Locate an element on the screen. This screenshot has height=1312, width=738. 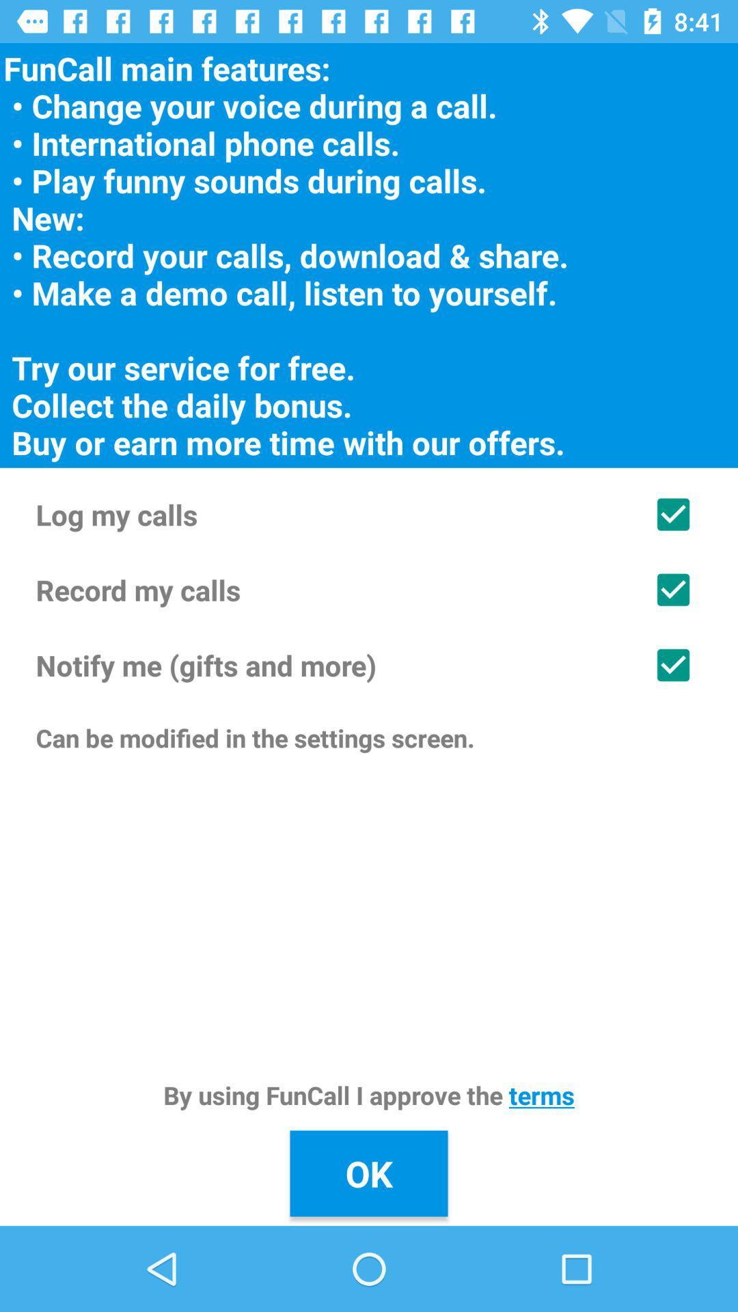
the icon below by using funcall icon is located at coordinates (369, 1173).